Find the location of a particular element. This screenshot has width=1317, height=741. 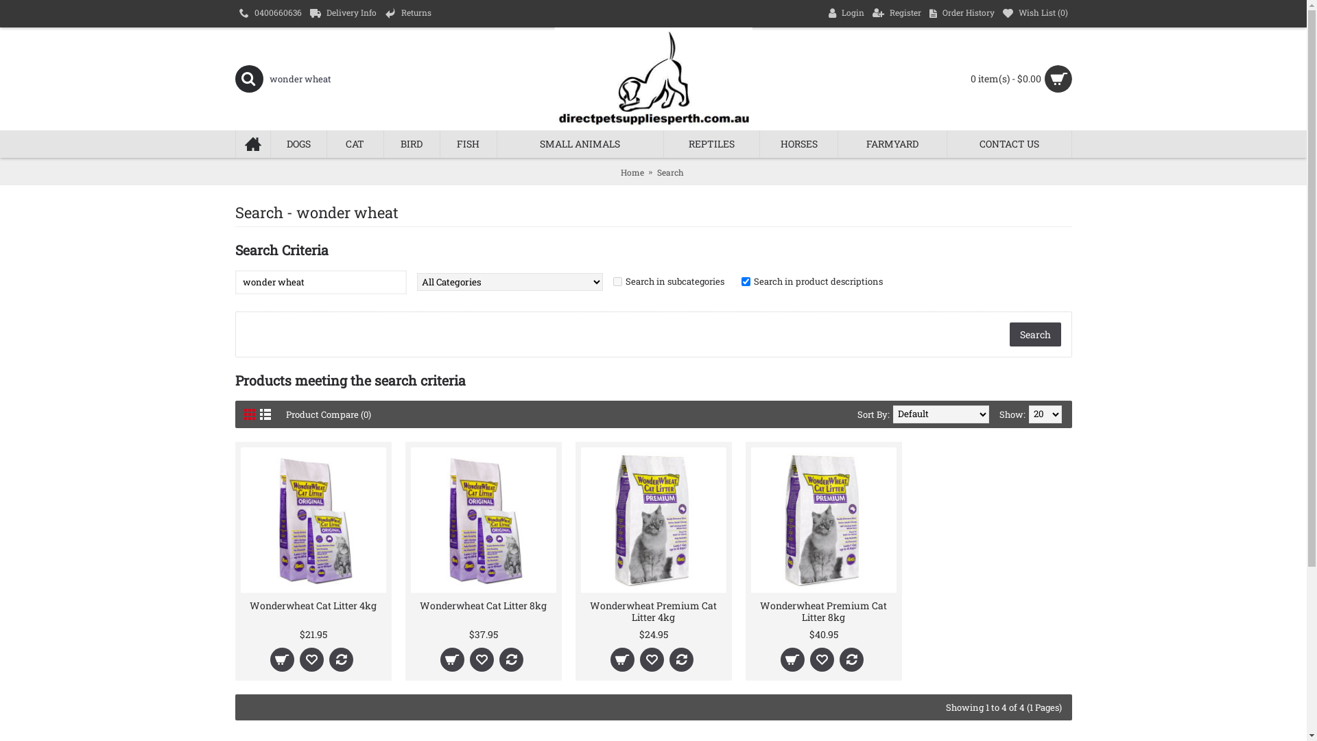

'0400660636' is located at coordinates (270, 13).